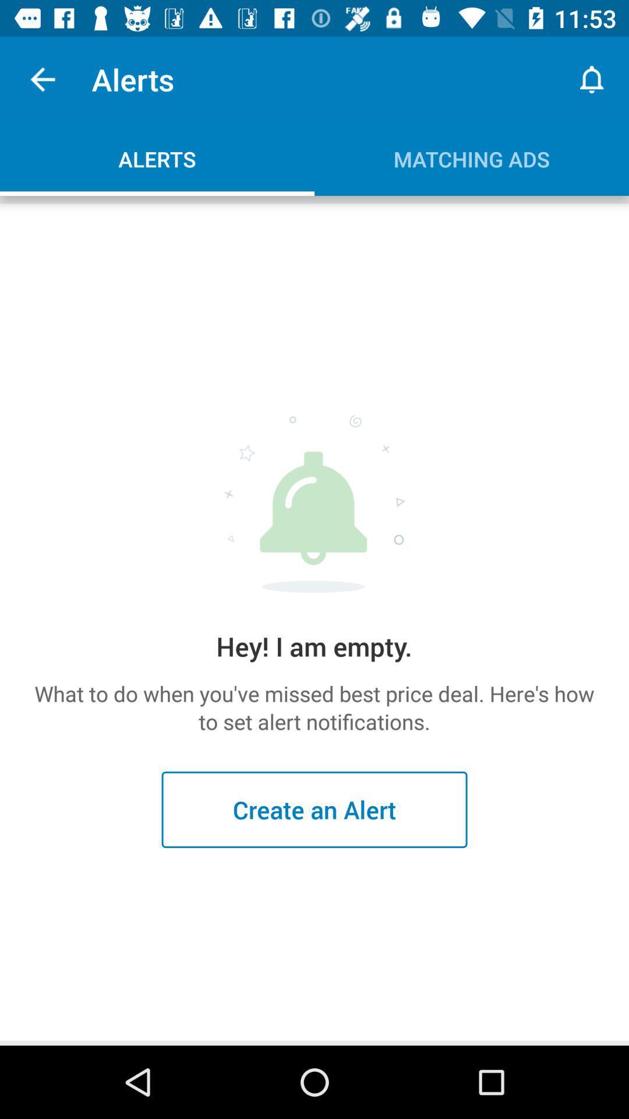 Image resolution: width=629 pixels, height=1119 pixels. I want to click on the item to the left of the alerts icon, so click(42, 79).